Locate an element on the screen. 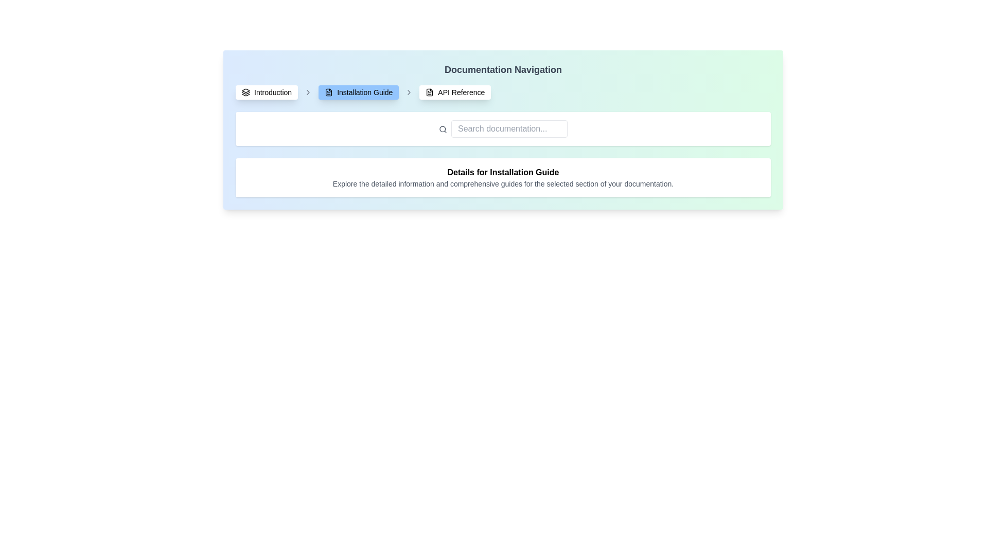 The width and height of the screenshot is (988, 555). the 'Introduction' button located in the upper-left segment of the navigation bar is located at coordinates (267, 92).